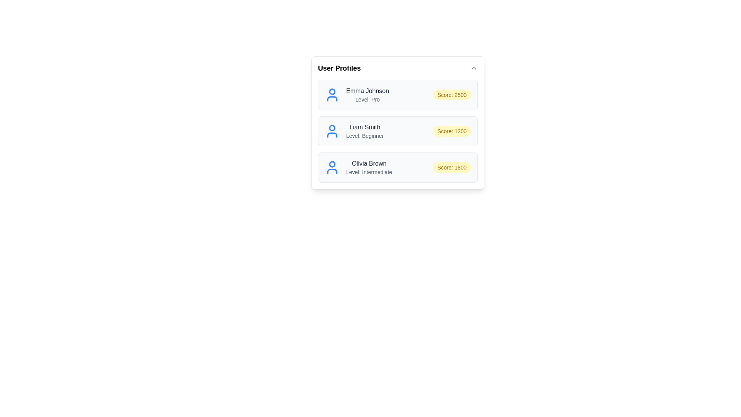 The image size is (741, 417). What do you see at coordinates (332, 127) in the screenshot?
I see `the SVG Circle representing the profile picture of the user named 'Liam Smith' in the second row of the user profile list` at bounding box center [332, 127].